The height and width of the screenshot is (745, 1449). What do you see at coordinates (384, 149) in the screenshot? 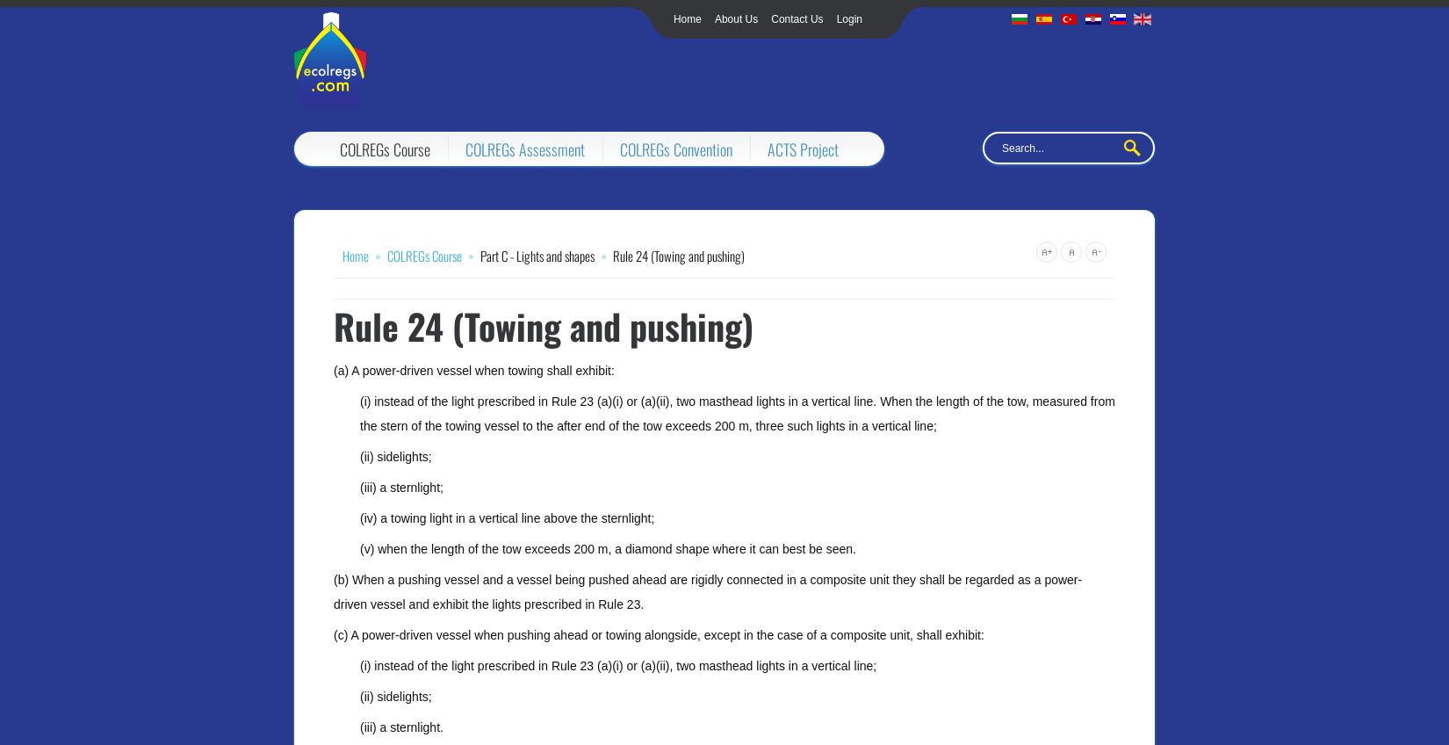
I see `'COLREGs Course'` at bounding box center [384, 149].